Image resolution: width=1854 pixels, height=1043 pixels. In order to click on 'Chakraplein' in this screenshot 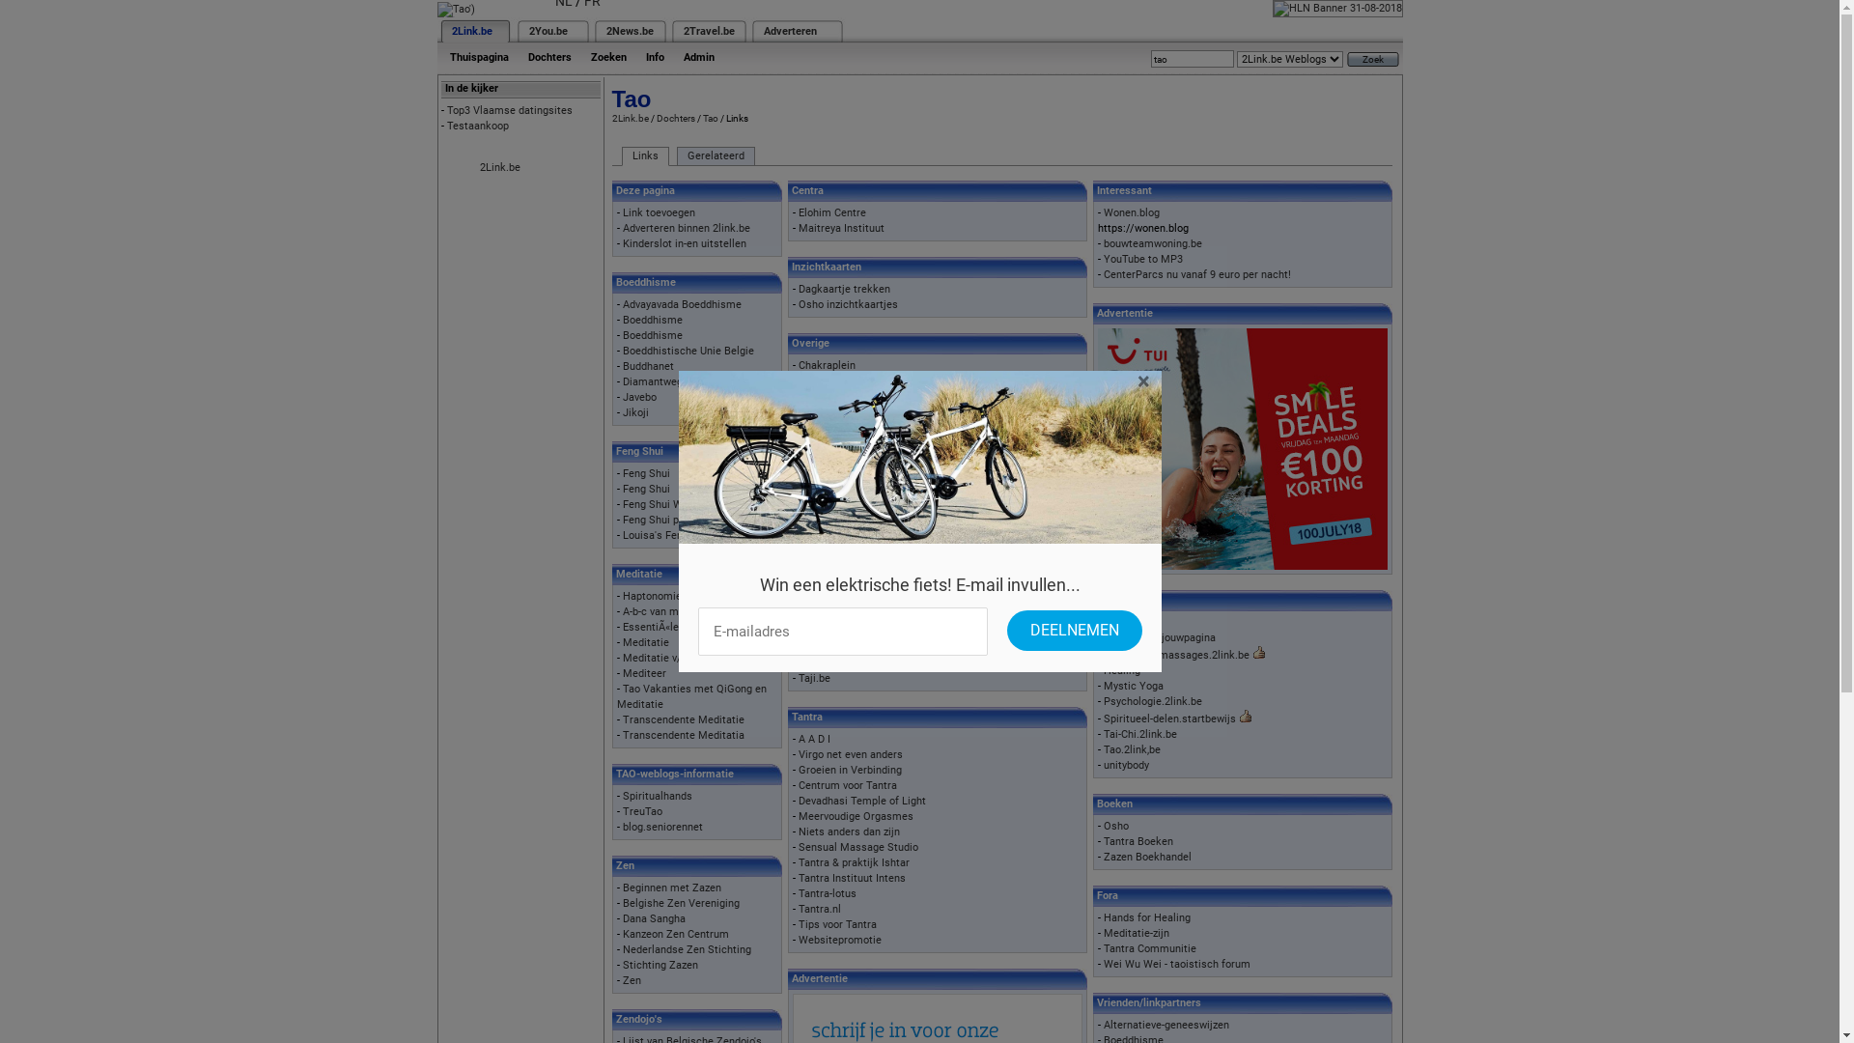, I will do `click(826, 365)`.